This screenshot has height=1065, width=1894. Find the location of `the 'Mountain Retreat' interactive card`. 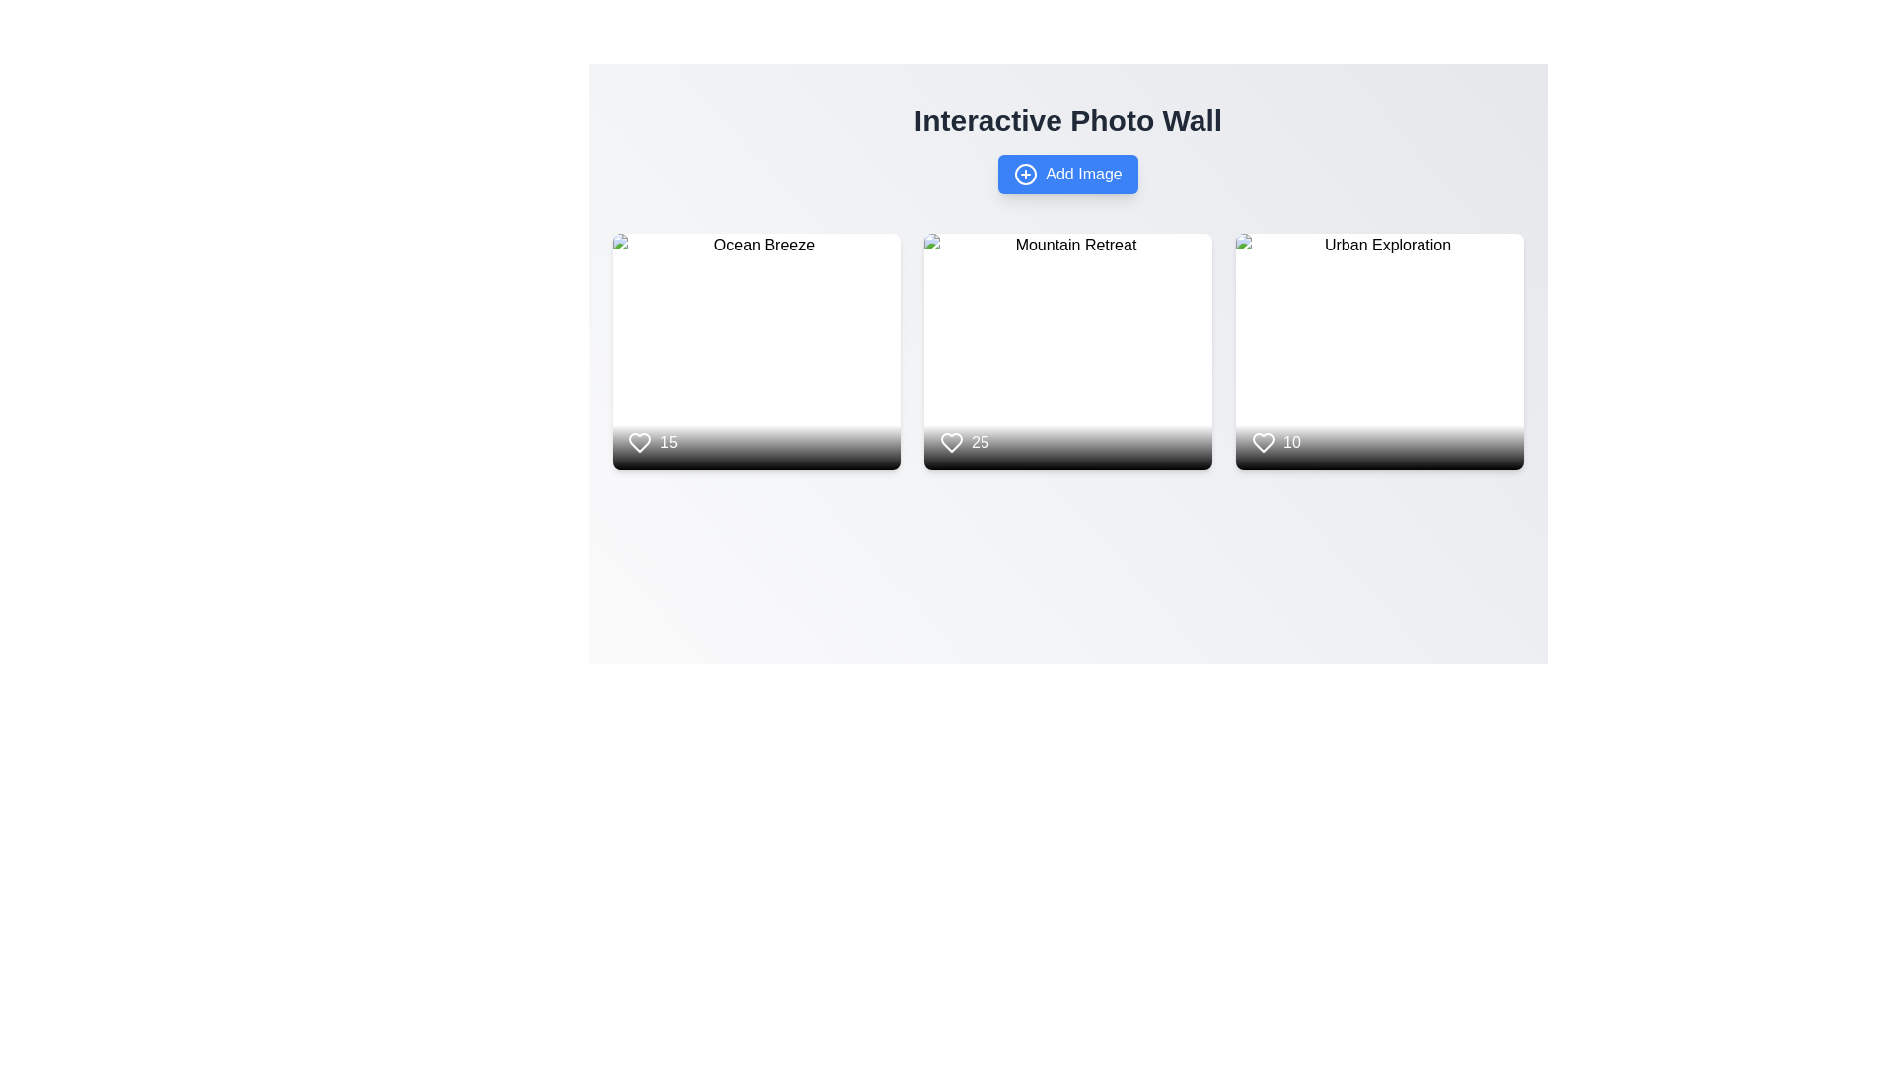

the 'Mountain Retreat' interactive card is located at coordinates (1067, 351).